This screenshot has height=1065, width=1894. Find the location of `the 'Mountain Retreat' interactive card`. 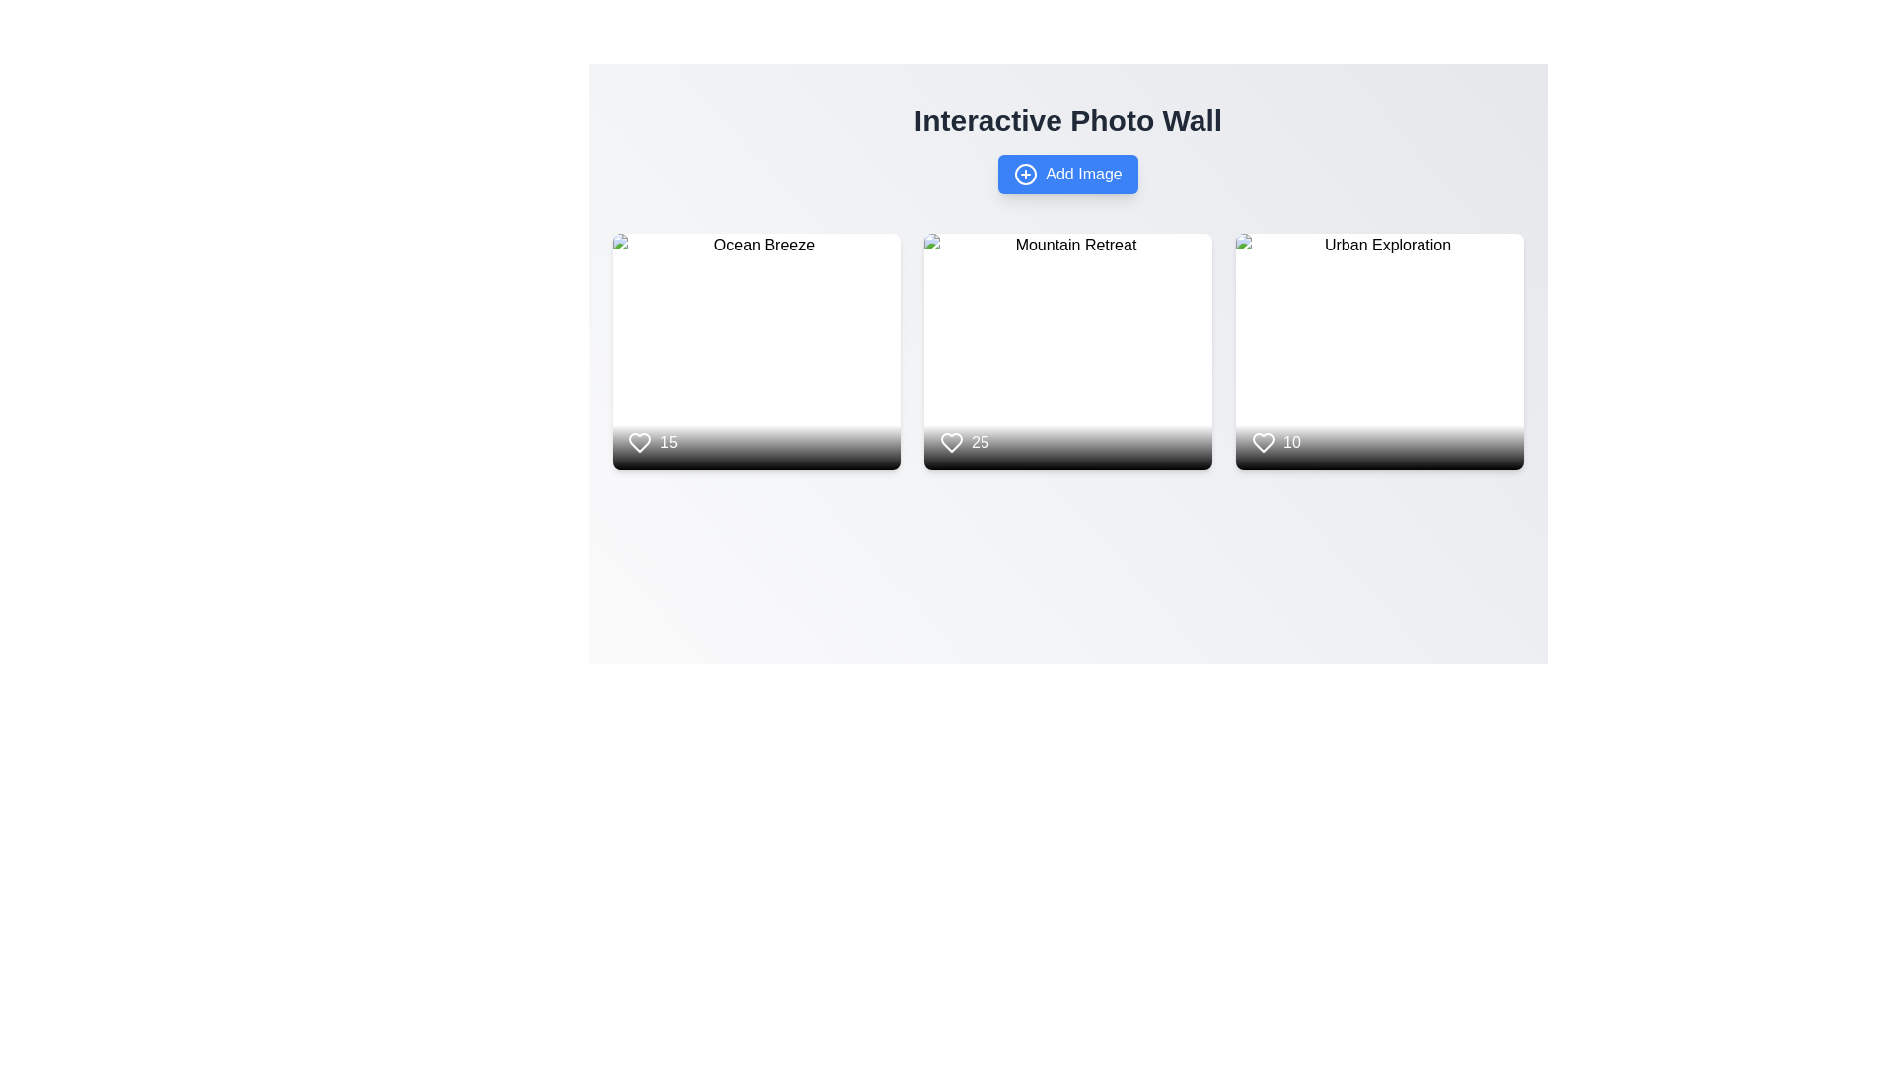

the 'Mountain Retreat' interactive card is located at coordinates (1067, 351).